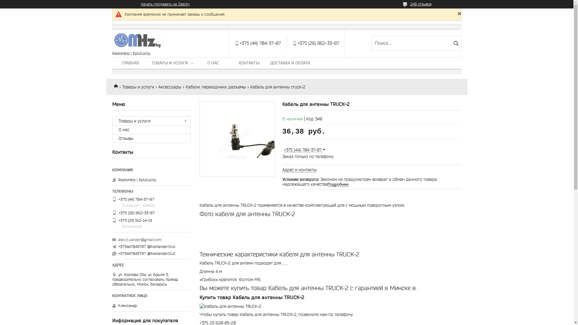 The width and height of the screenshot is (578, 325). I want to click on 'RadioHelp | Eplutus.by', so click(137, 40).